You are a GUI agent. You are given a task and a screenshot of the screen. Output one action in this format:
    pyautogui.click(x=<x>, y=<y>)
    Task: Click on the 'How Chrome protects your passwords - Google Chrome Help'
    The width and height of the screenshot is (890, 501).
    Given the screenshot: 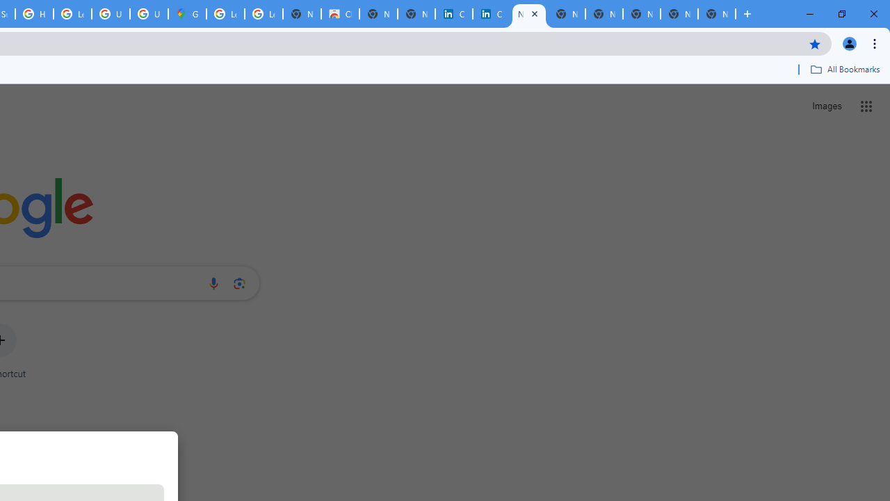 What is the action you would take?
    pyautogui.click(x=34, y=14)
    